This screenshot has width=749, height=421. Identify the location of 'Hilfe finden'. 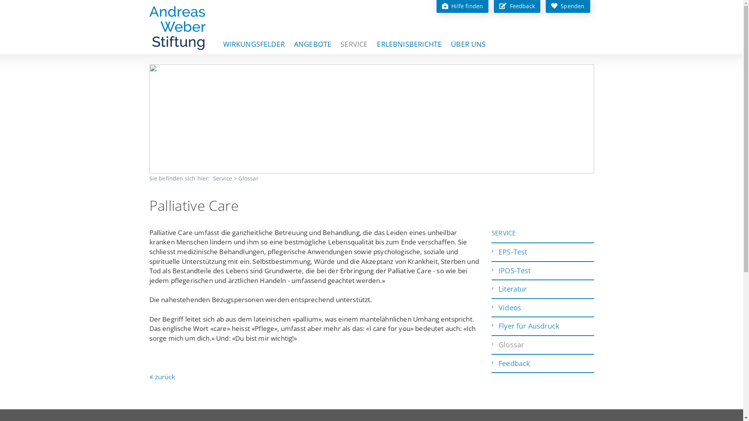
(442, 5).